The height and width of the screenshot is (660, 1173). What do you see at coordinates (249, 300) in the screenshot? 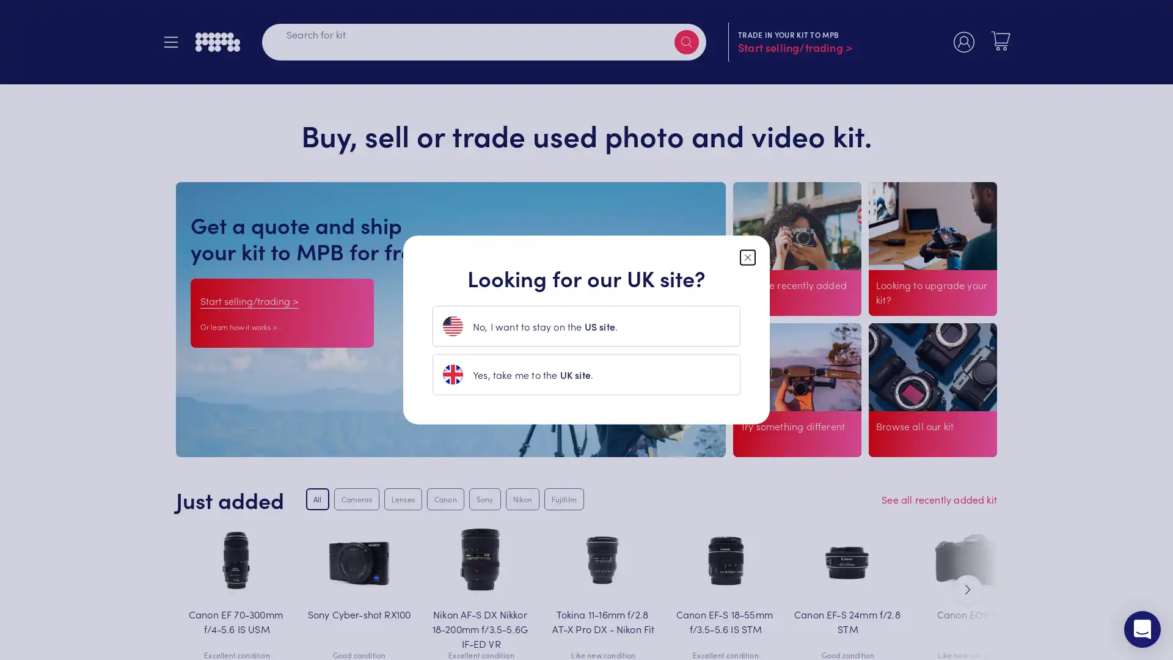
I see `Start selling/trading >` at bounding box center [249, 300].